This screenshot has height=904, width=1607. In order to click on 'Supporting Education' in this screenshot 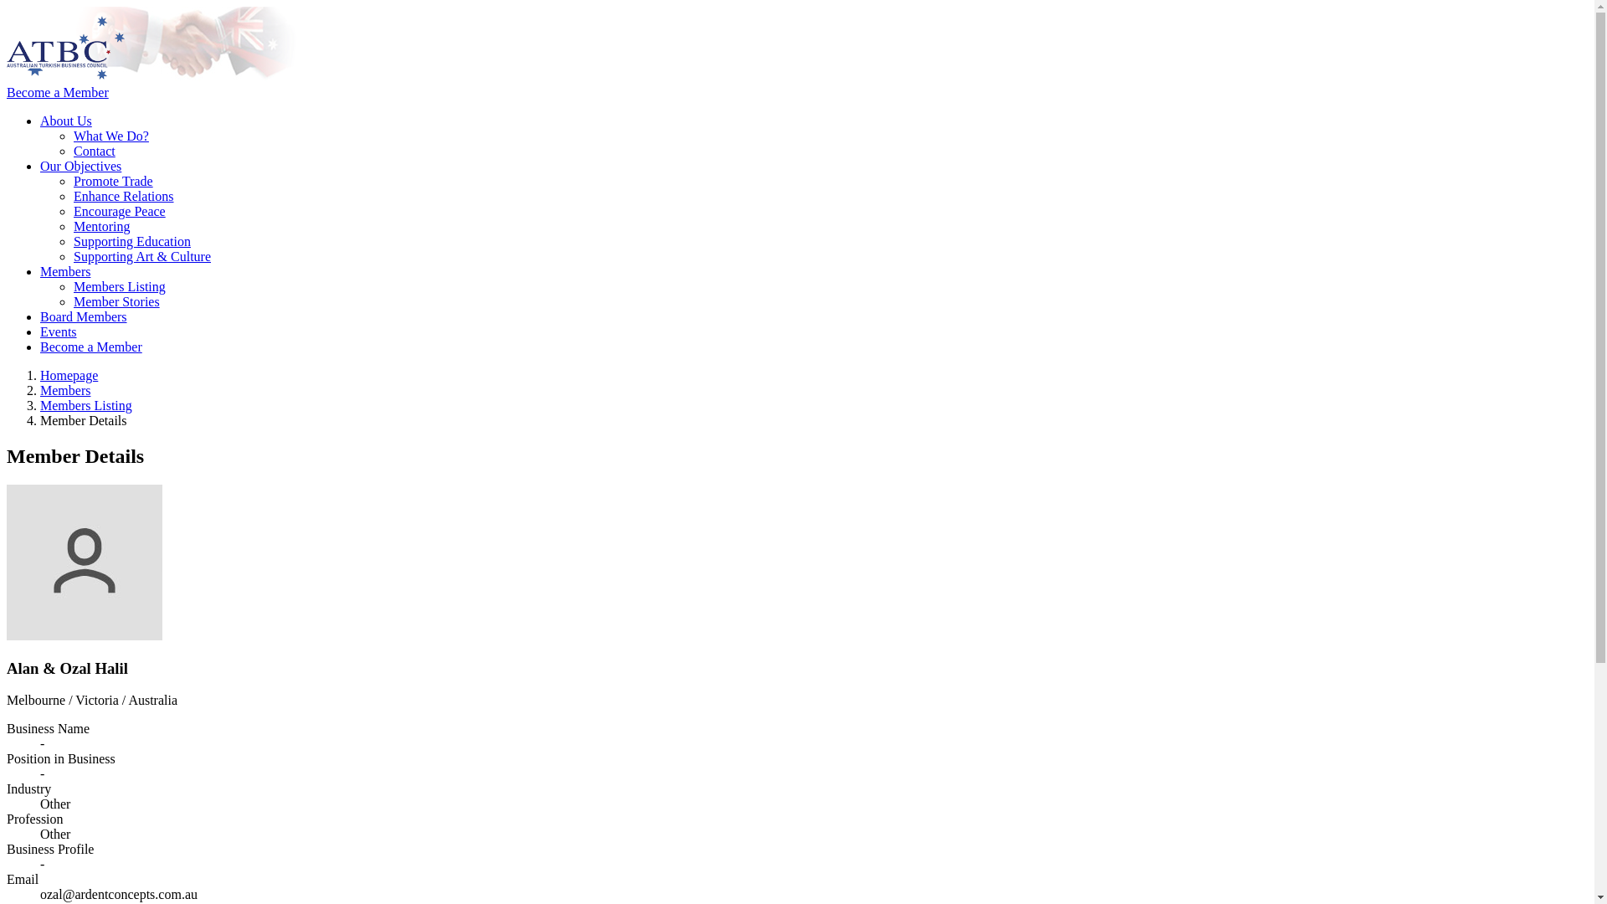, I will do `click(131, 241)`.